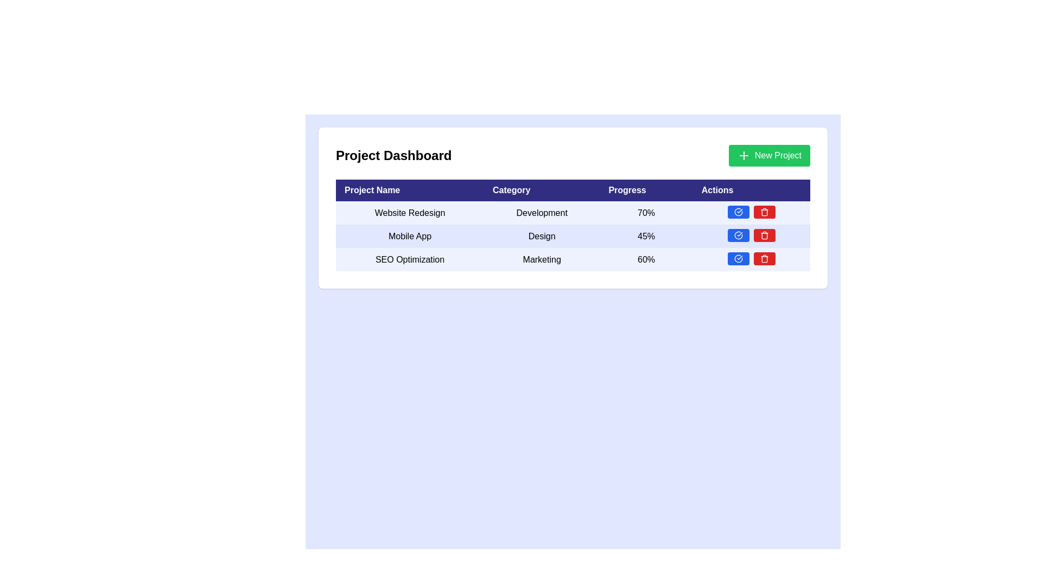  I want to click on the delete button located in the 'Actions' column of the last row in the table, so click(764, 259).